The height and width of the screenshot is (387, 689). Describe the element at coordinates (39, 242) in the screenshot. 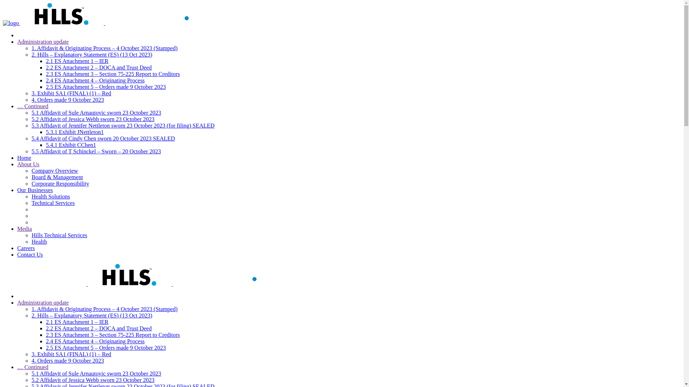

I see `'Health'` at that location.